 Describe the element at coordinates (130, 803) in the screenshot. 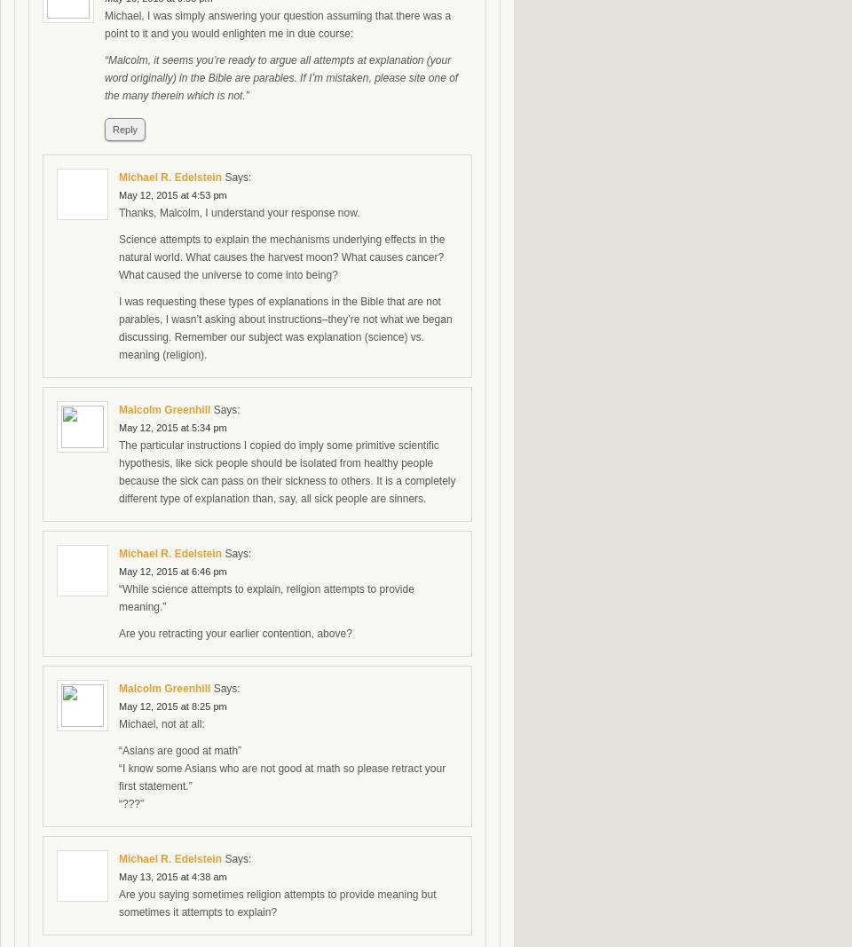

I see `'“???”'` at that location.